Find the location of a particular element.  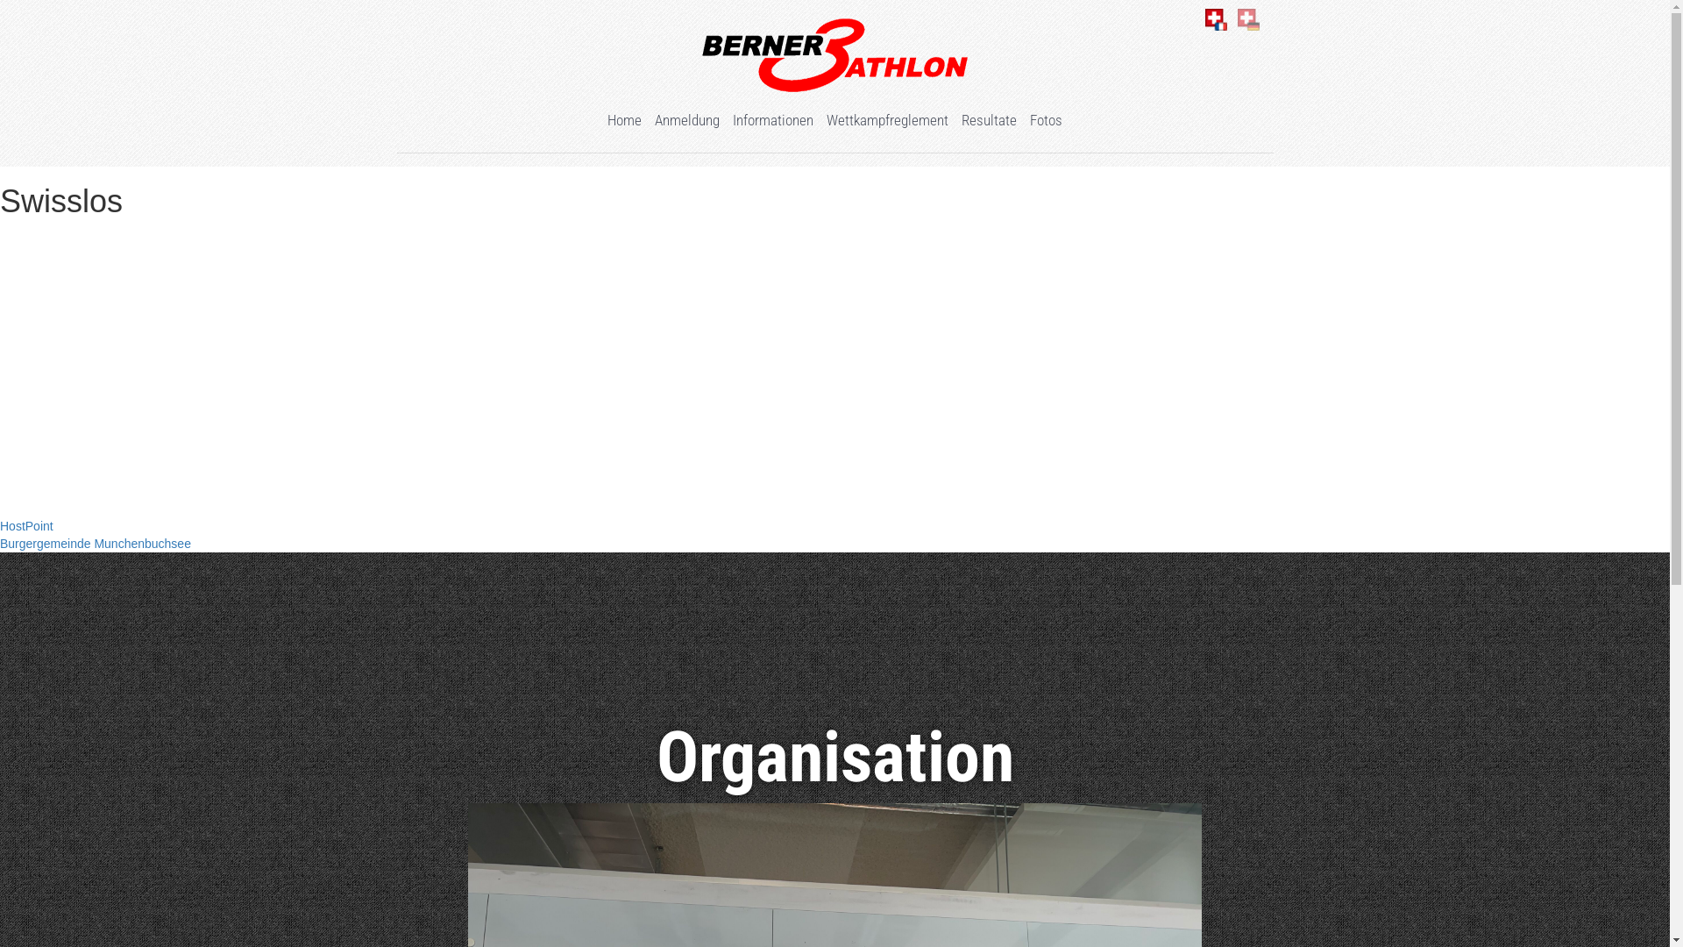

'Deutsch' is located at coordinates (1236, 19).